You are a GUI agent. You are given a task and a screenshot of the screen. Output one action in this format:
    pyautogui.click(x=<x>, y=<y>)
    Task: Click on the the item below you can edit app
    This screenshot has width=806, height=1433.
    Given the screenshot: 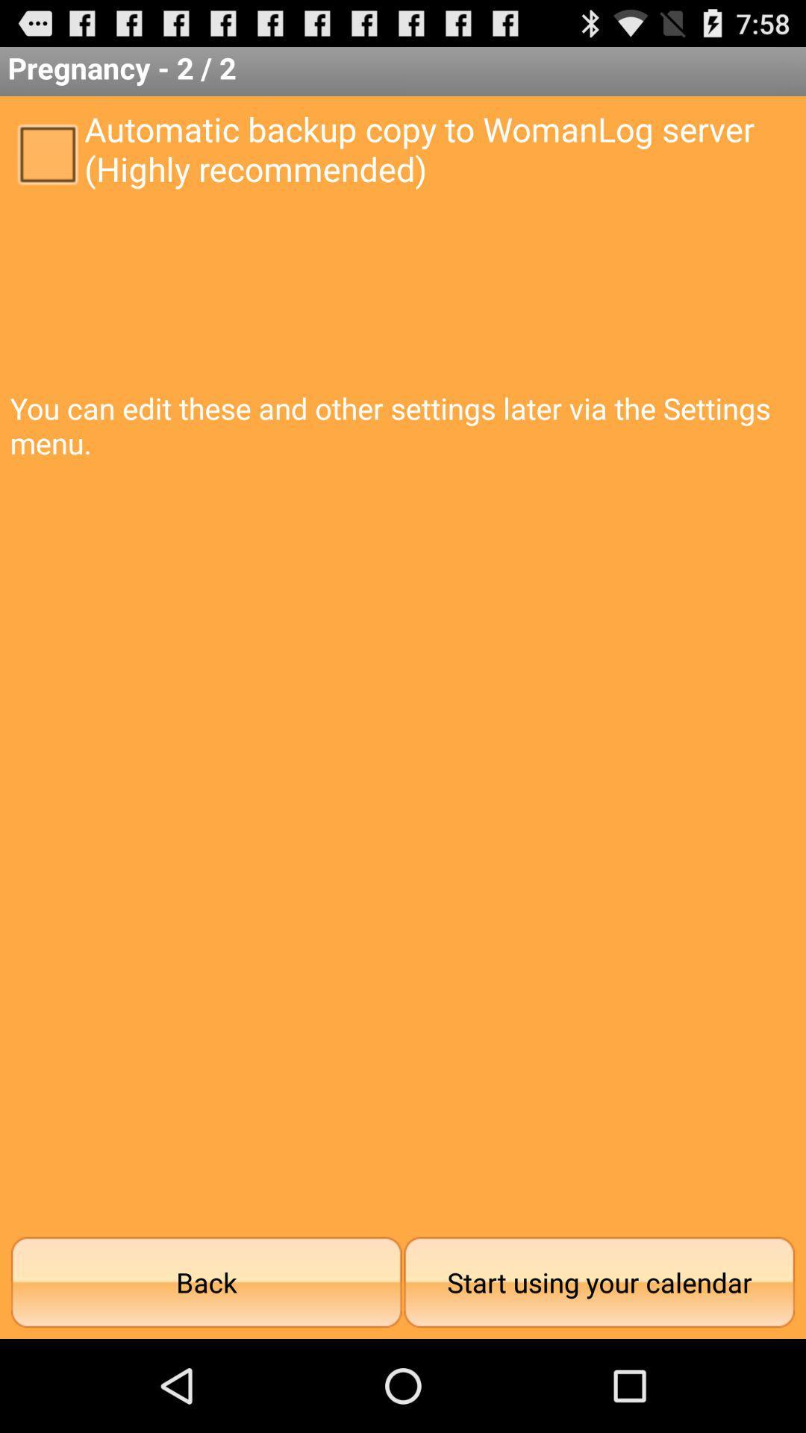 What is the action you would take?
    pyautogui.click(x=599, y=1281)
    